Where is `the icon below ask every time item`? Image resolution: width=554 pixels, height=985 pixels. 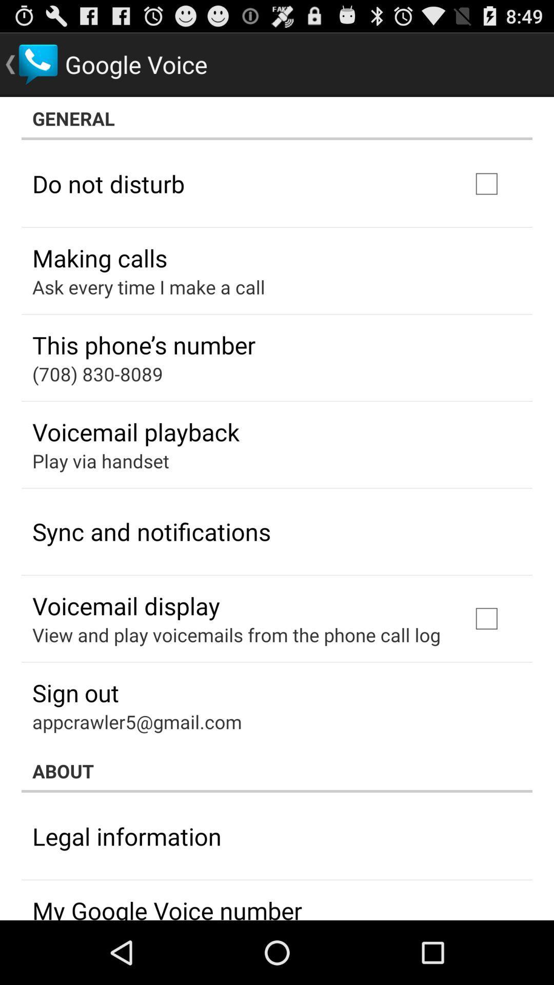
the icon below ask every time item is located at coordinates (144, 345).